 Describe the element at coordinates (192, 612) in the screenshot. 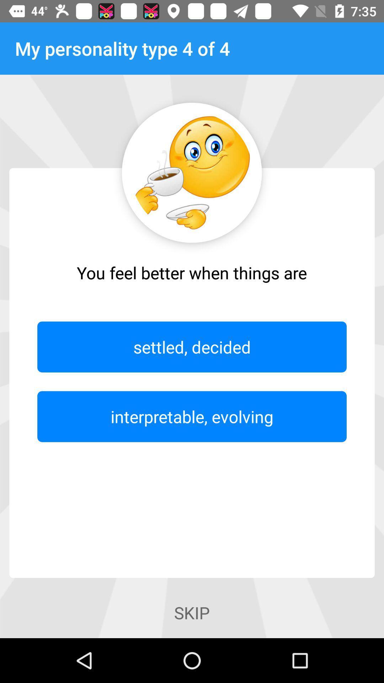

I see `skip` at that location.